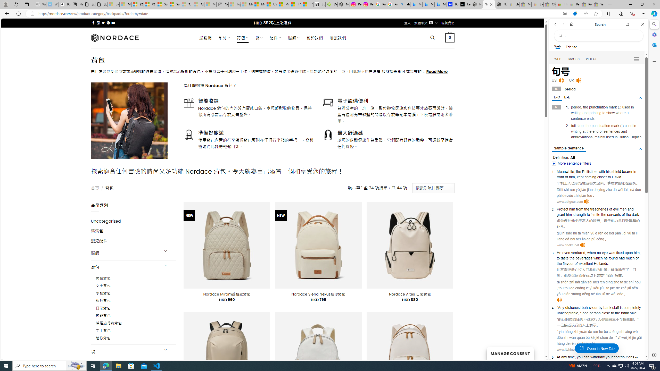 This screenshot has width=660, height=371. Describe the element at coordinates (579, 357) in the screenshot. I see `'you'` at that location.